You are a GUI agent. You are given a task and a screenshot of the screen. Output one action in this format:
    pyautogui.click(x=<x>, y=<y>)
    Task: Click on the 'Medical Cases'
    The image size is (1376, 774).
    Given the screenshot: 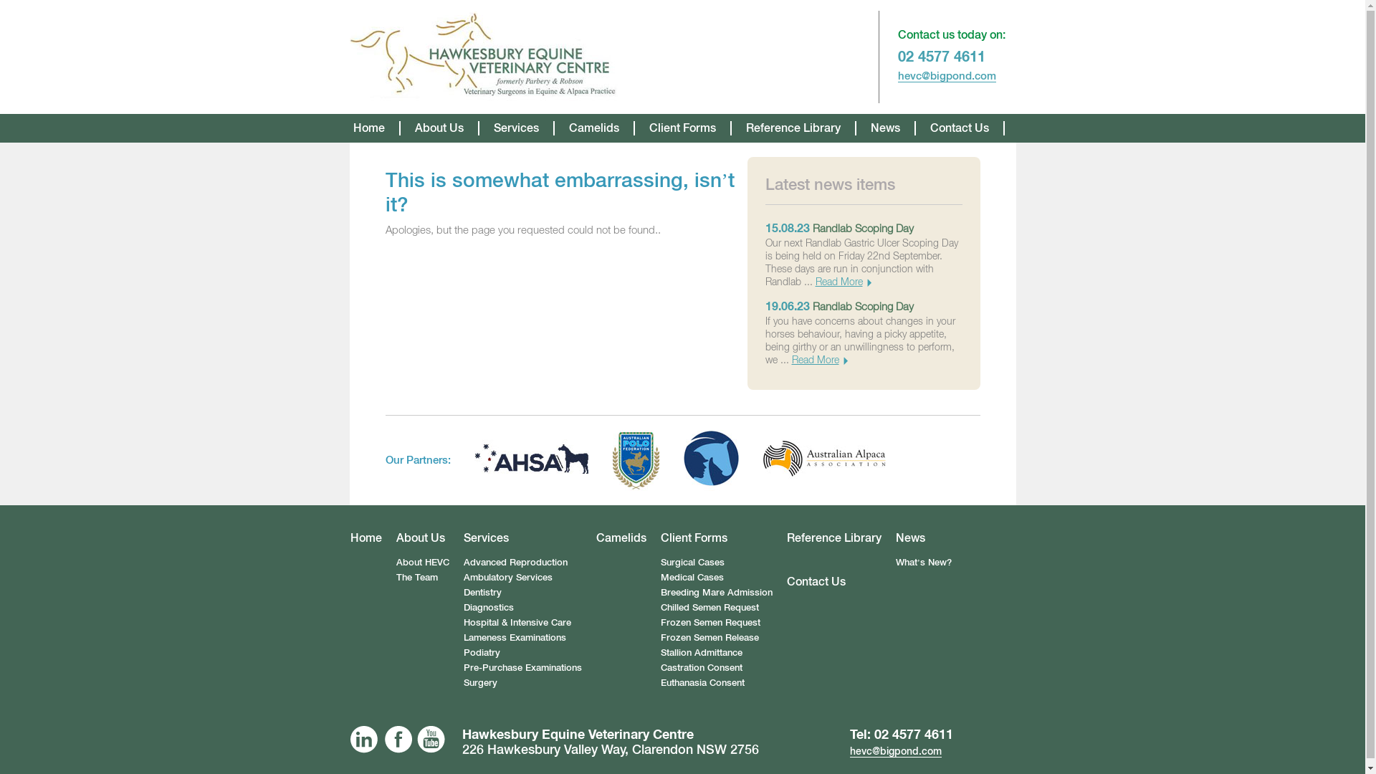 What is the action you would take?
    pyautogui.click(x=691, y=576)
    